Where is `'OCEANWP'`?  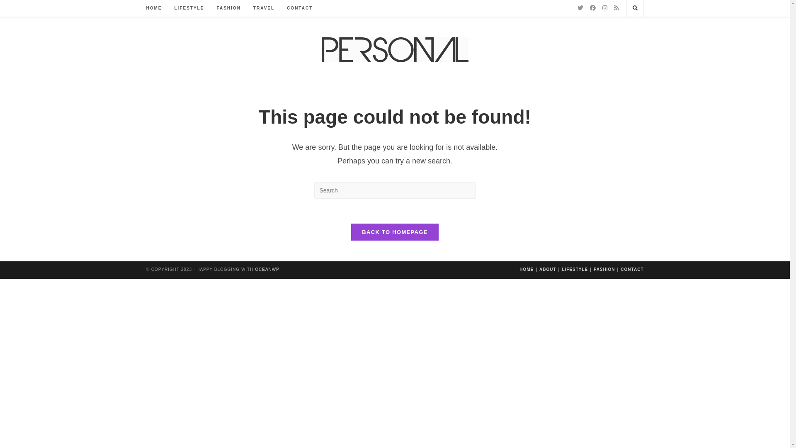 'OCEANWP' is located at coordinates (267, 269).